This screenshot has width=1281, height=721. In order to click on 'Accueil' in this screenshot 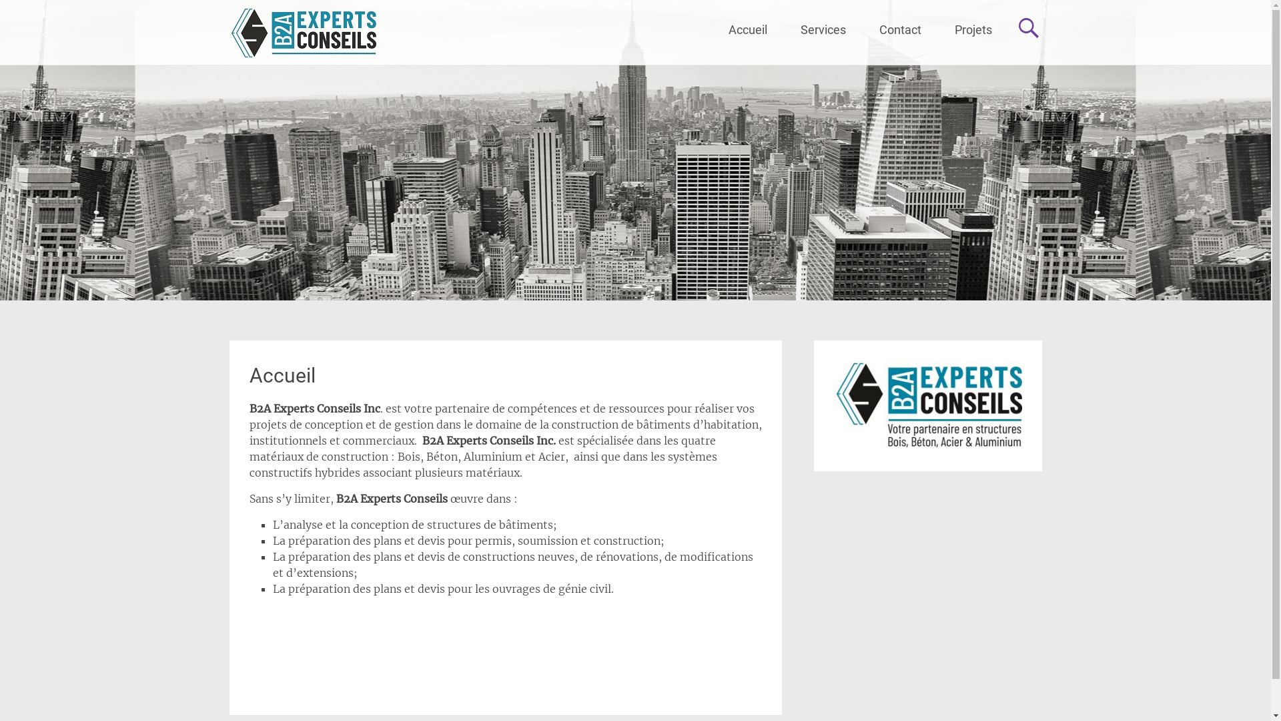, I will do `click(746, 30)`.